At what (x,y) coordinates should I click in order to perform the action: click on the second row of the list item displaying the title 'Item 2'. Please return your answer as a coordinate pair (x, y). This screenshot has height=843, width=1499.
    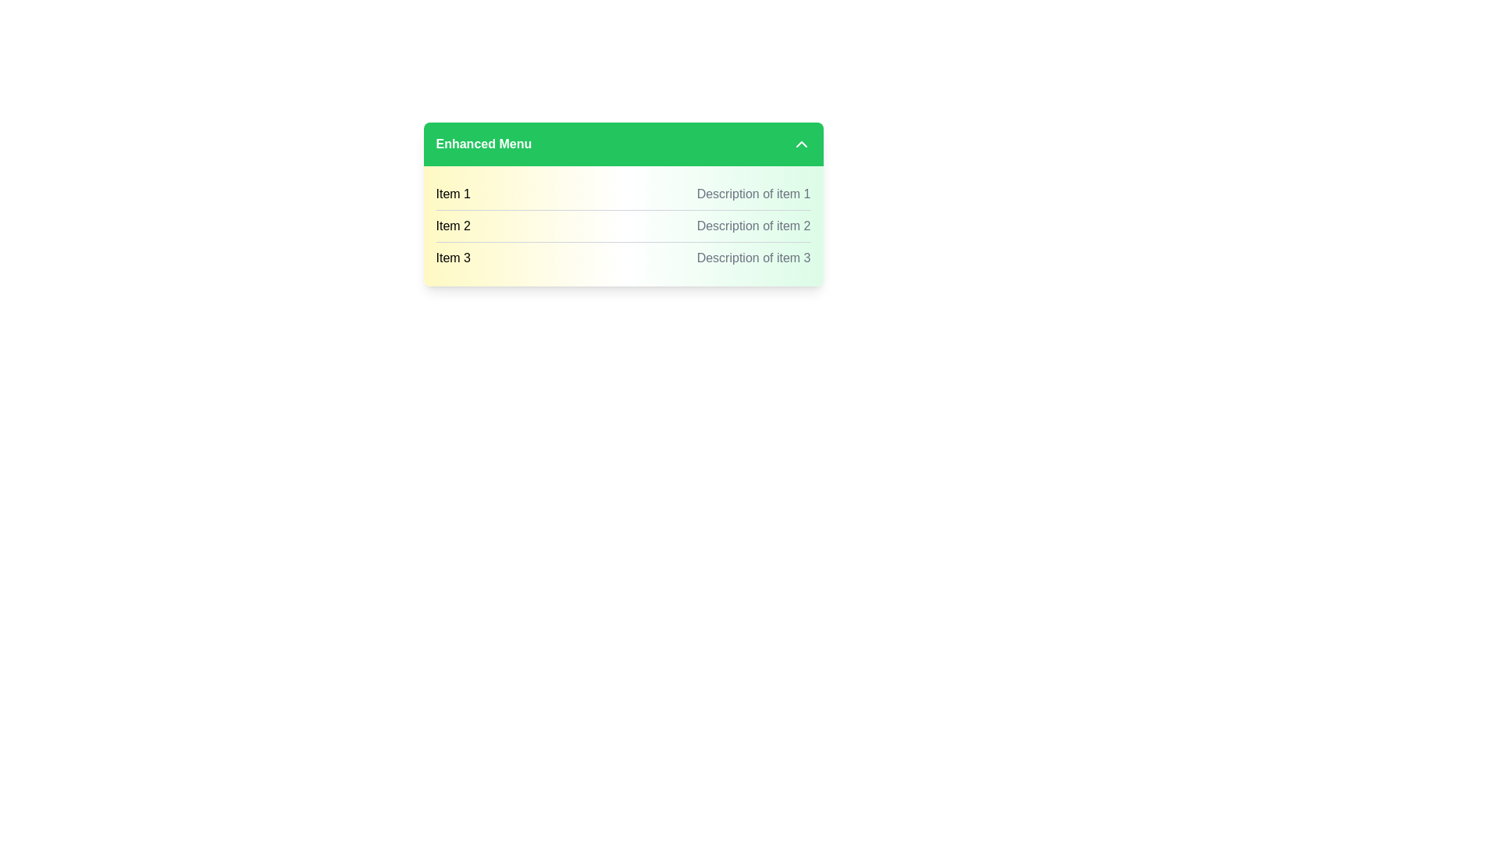
    Looking at the image, I should click on (622, 226).